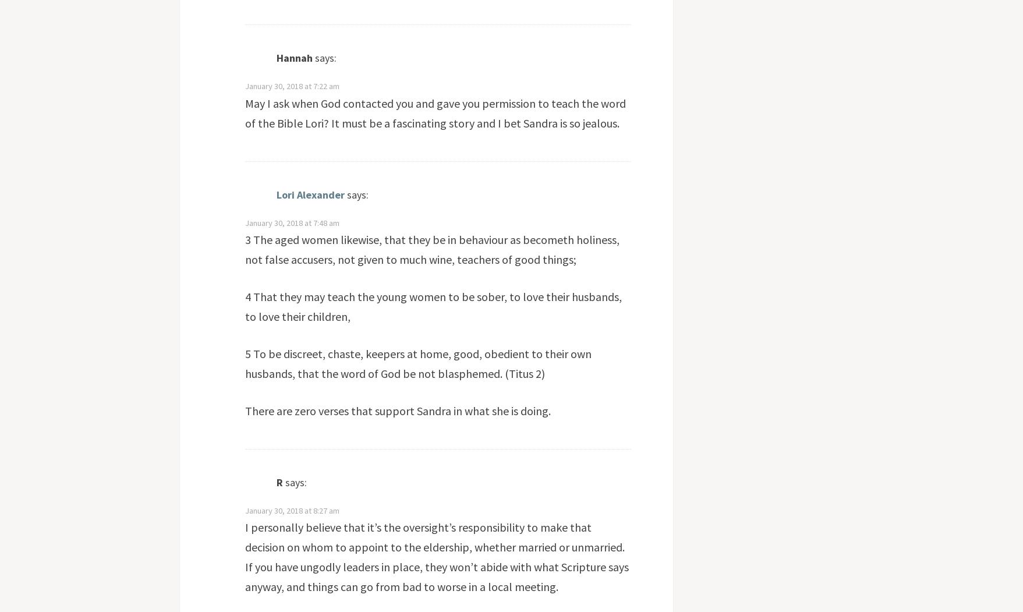  What do you see at coordinates (434, 112) in the screenshot?
I see `'May I ask when God contacted you and gave you permission to teach the word of the Bible Lori? It must be a fascinating story and I bet Sandra is so jealous.'` at bounding box center [434, 112].